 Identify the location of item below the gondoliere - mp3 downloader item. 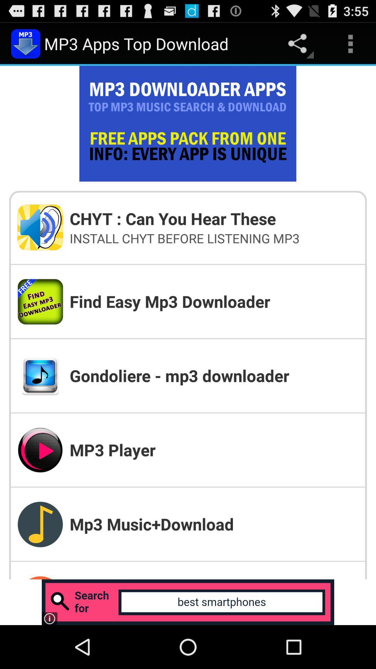
(213, 450).